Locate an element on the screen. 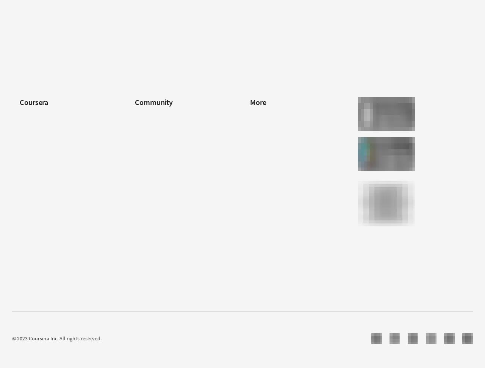 The height and width of the screenshot is (368, 485). 'Coursera Plus' is located at coordinates (19, 172).